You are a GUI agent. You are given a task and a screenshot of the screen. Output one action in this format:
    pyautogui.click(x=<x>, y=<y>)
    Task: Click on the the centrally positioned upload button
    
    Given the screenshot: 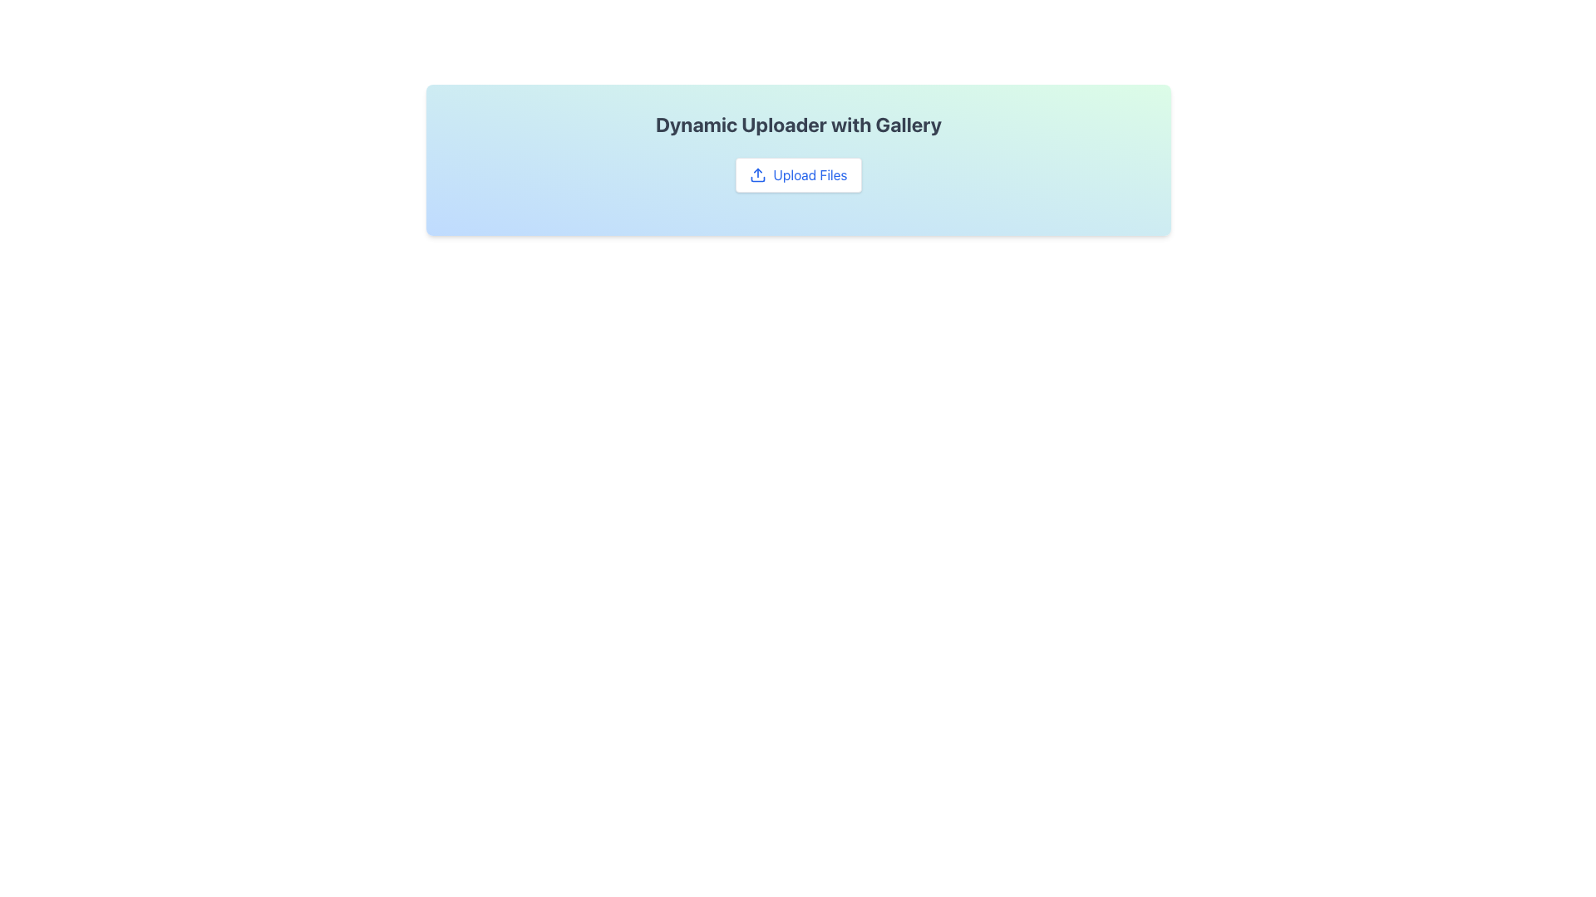 What is the action you would take?
    pyautogui.click(x=798, y=175)
    